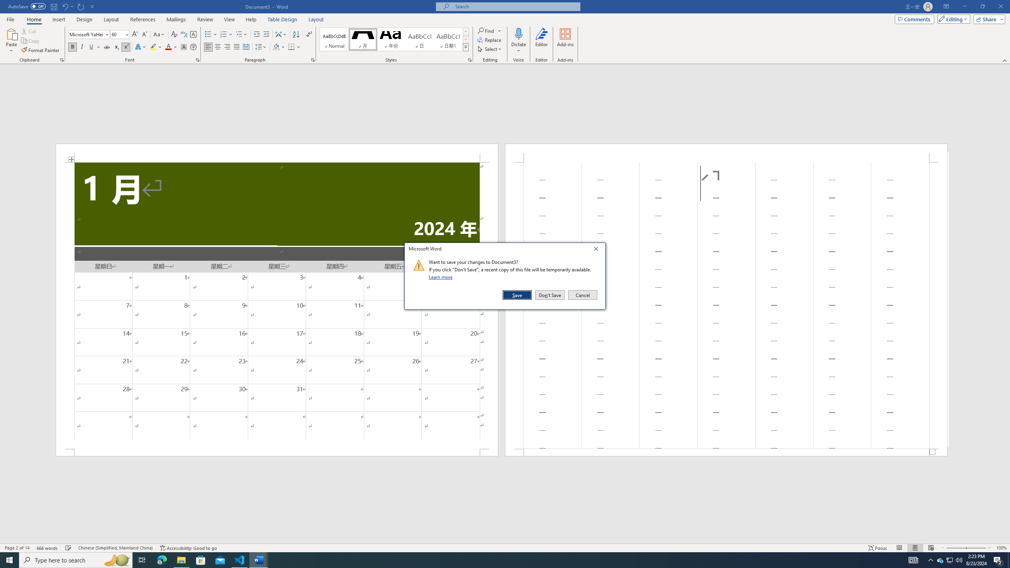 This screenshot has width=1010, height=568. Describe the element at coordinates (81, 6) in the screenshot. I see `'Repeat Superscript'` at that location.